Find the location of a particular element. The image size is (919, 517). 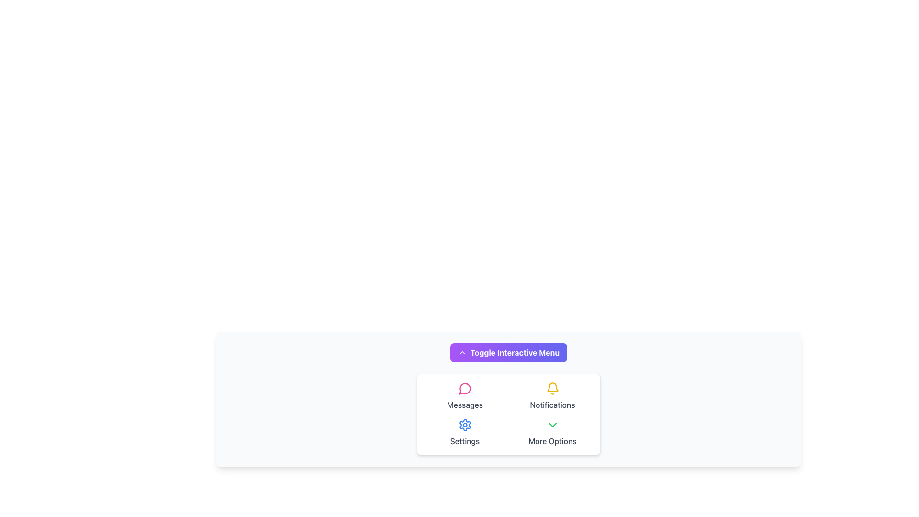

the Text Label that describes the notifications functionality, located below the bell icon in the options menu, which is the third option from the left is located at coordinates (552, 405).